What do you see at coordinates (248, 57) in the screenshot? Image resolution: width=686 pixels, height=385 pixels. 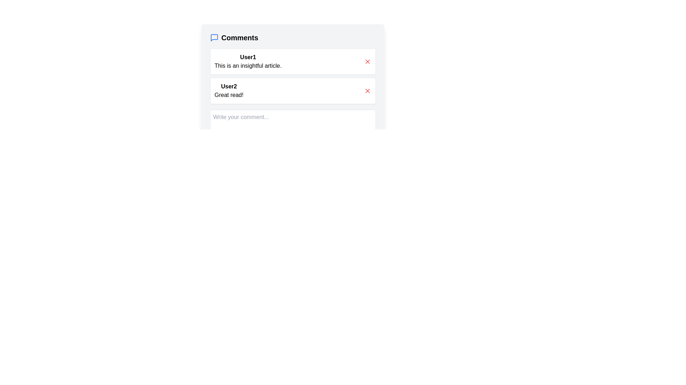 I see `label indicating the author of the associated comment located above the comment text 'This is an insightful article.'` at bounding box center [248, 57].